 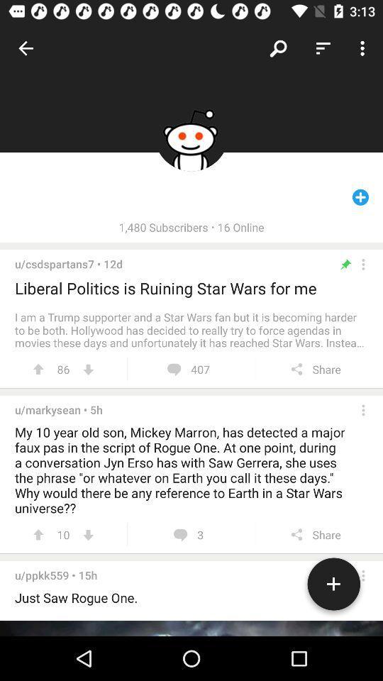 I want to click on ellipsis toggle user info message history, so click(x=363, y=410).